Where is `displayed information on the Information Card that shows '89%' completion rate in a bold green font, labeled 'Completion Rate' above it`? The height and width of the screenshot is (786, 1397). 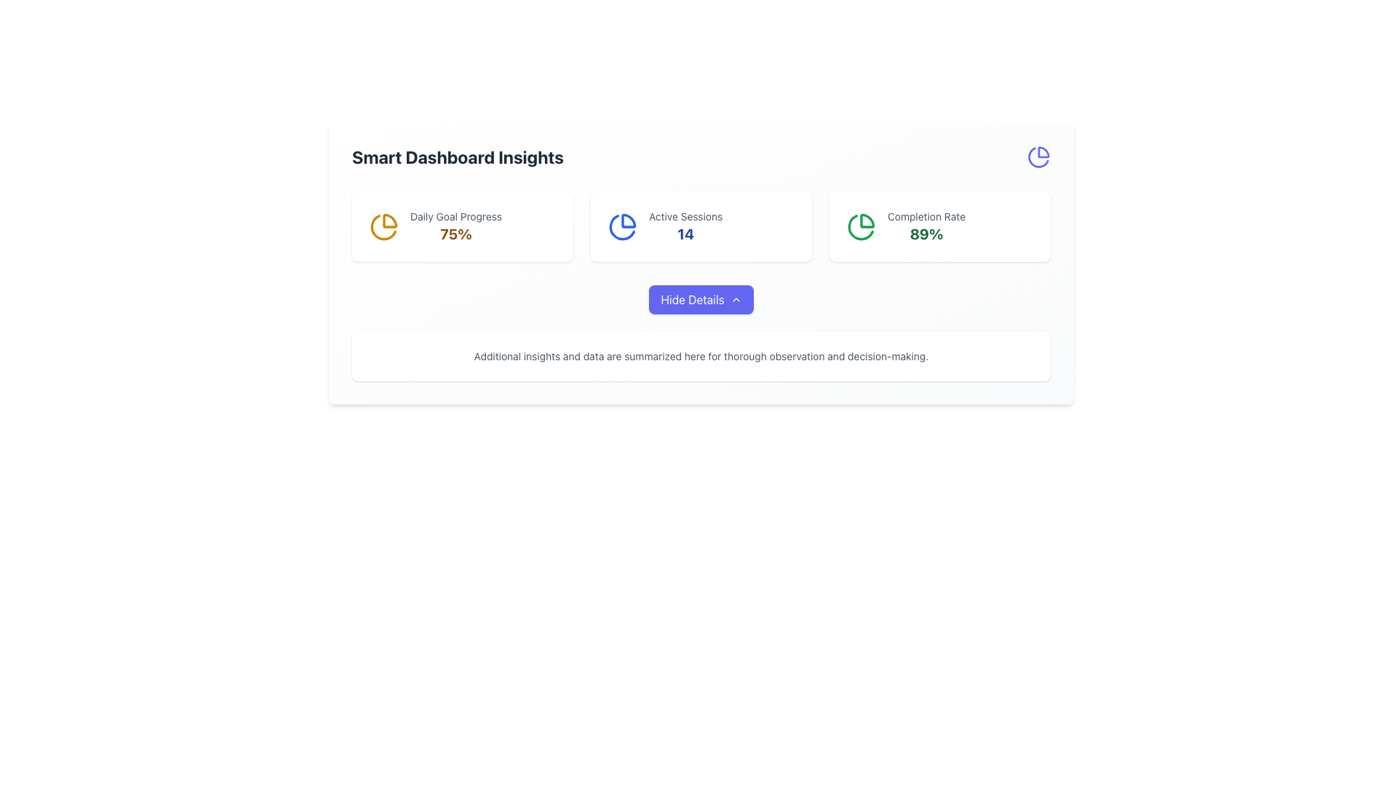 displayed information on the Information Card that shows '89%' completion rate in a bold green font, labeled 'Completion Rate' above it is located at coordinates (939, 227).